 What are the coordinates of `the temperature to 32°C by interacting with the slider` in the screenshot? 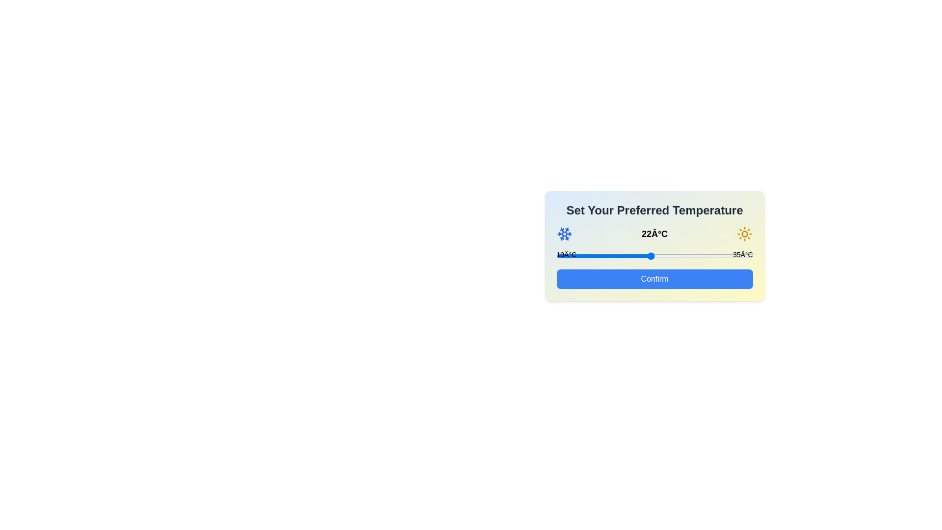 It's located at (729, 255).